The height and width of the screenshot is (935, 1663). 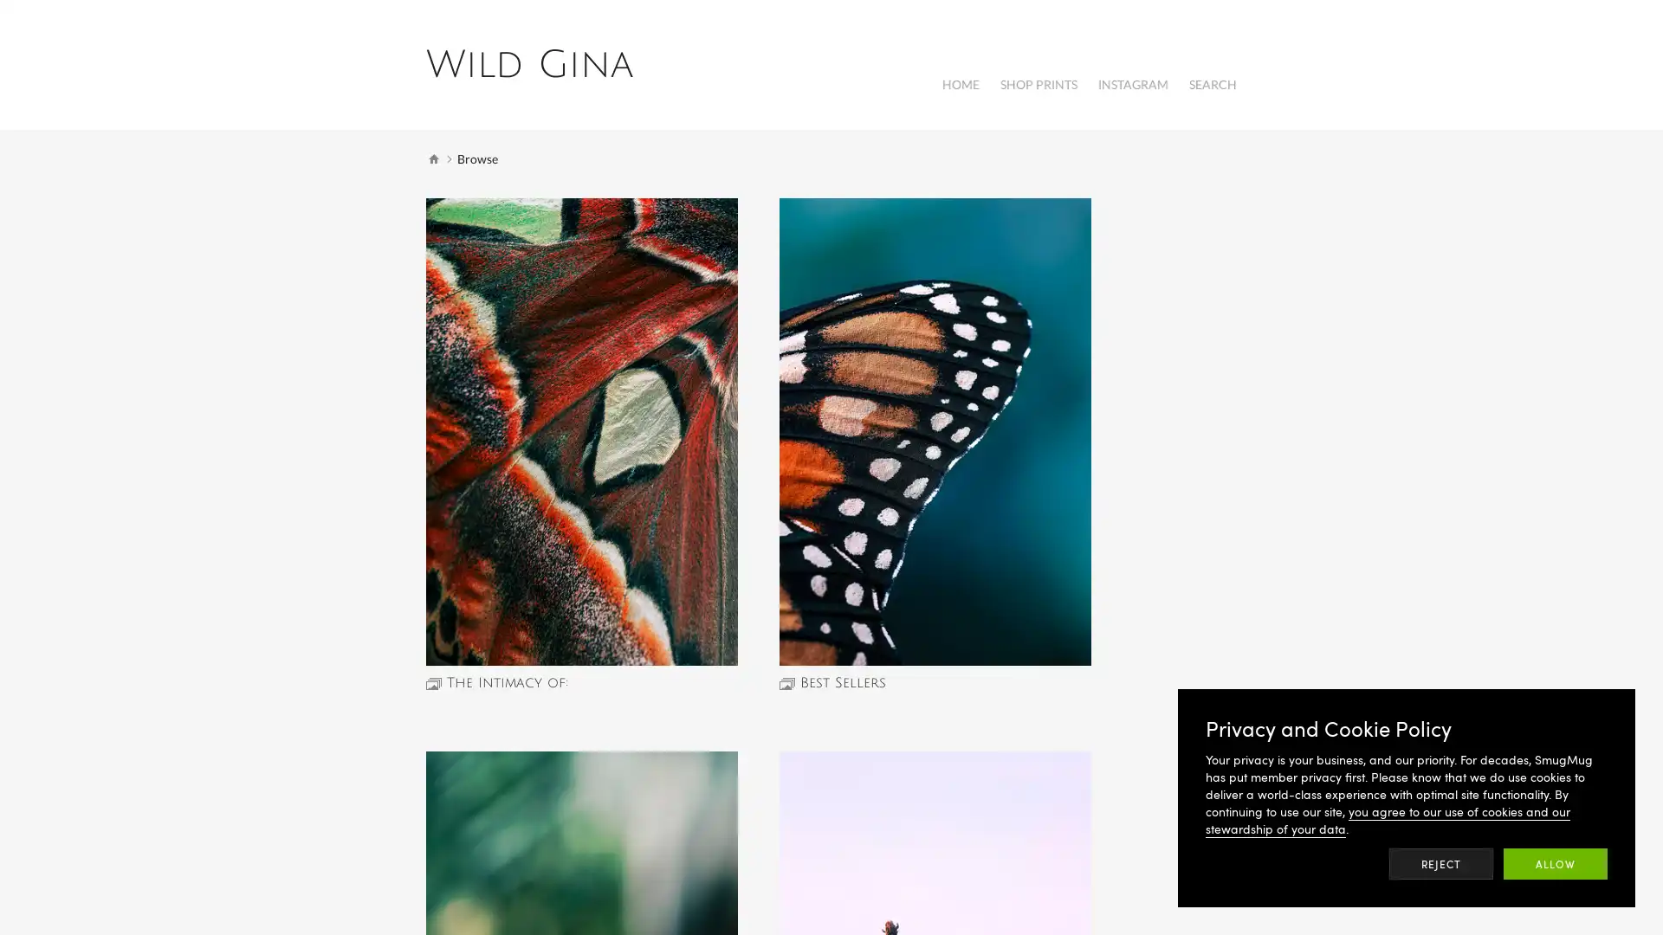 I want to click on ALLOW, so click(x=1555, y=864).